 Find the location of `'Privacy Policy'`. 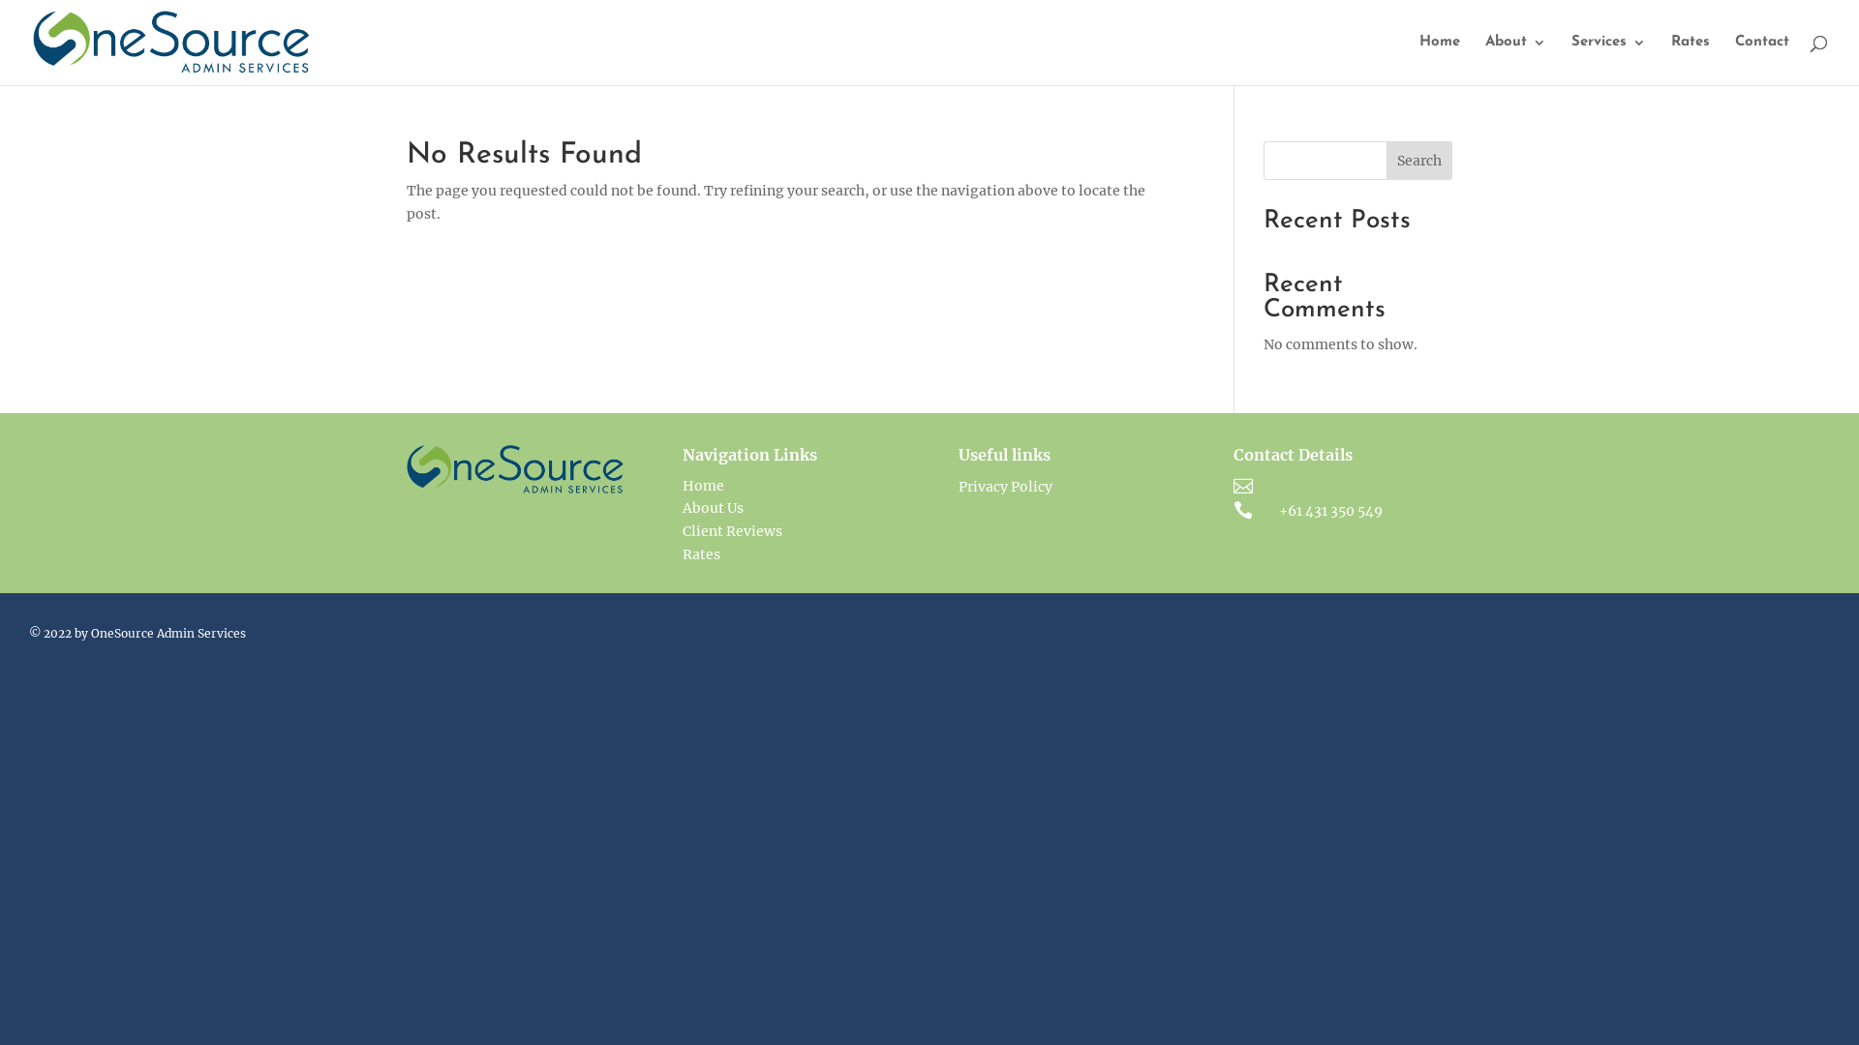

'Privacy Policy' is located at coordinates (1005, 485).